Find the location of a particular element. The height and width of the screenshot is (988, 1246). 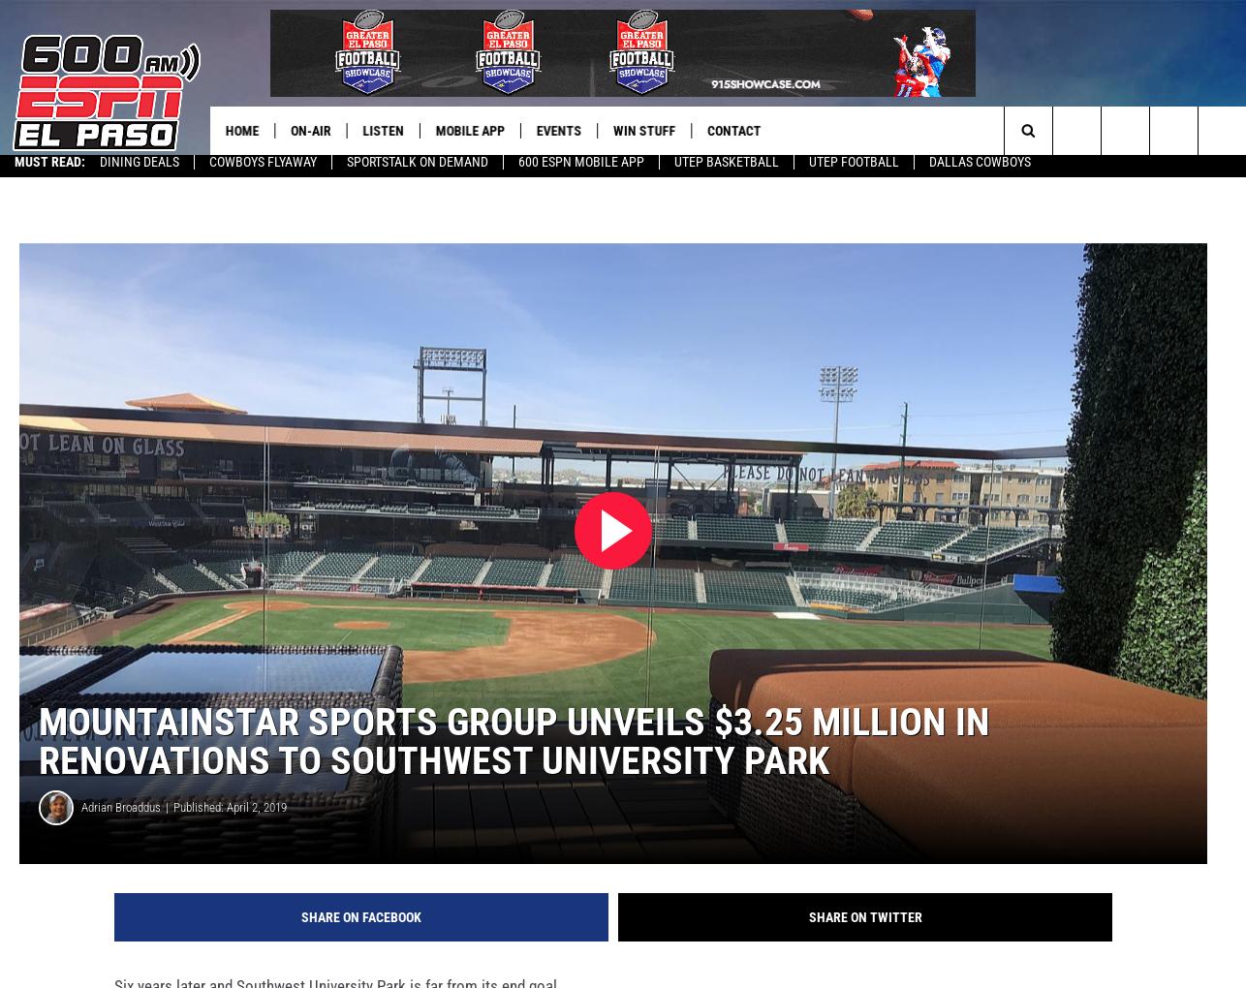

'Home' is located at coordinates (245, 131).